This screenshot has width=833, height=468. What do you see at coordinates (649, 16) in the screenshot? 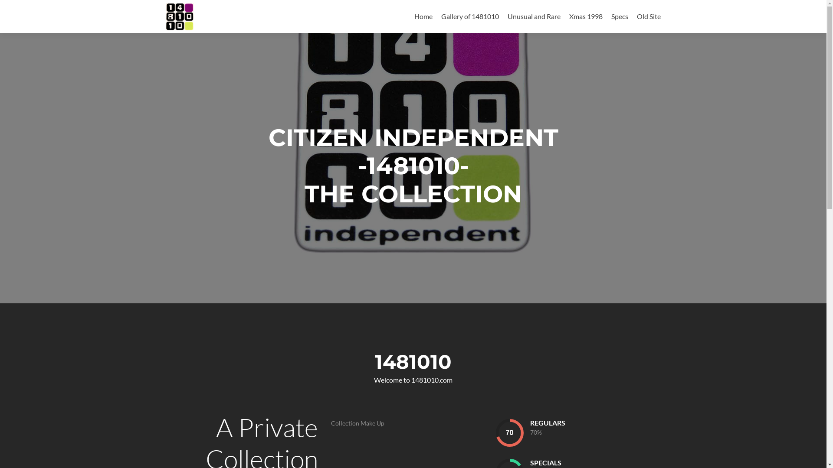
I see `'Old Site'` at bounding box center [649, 16].